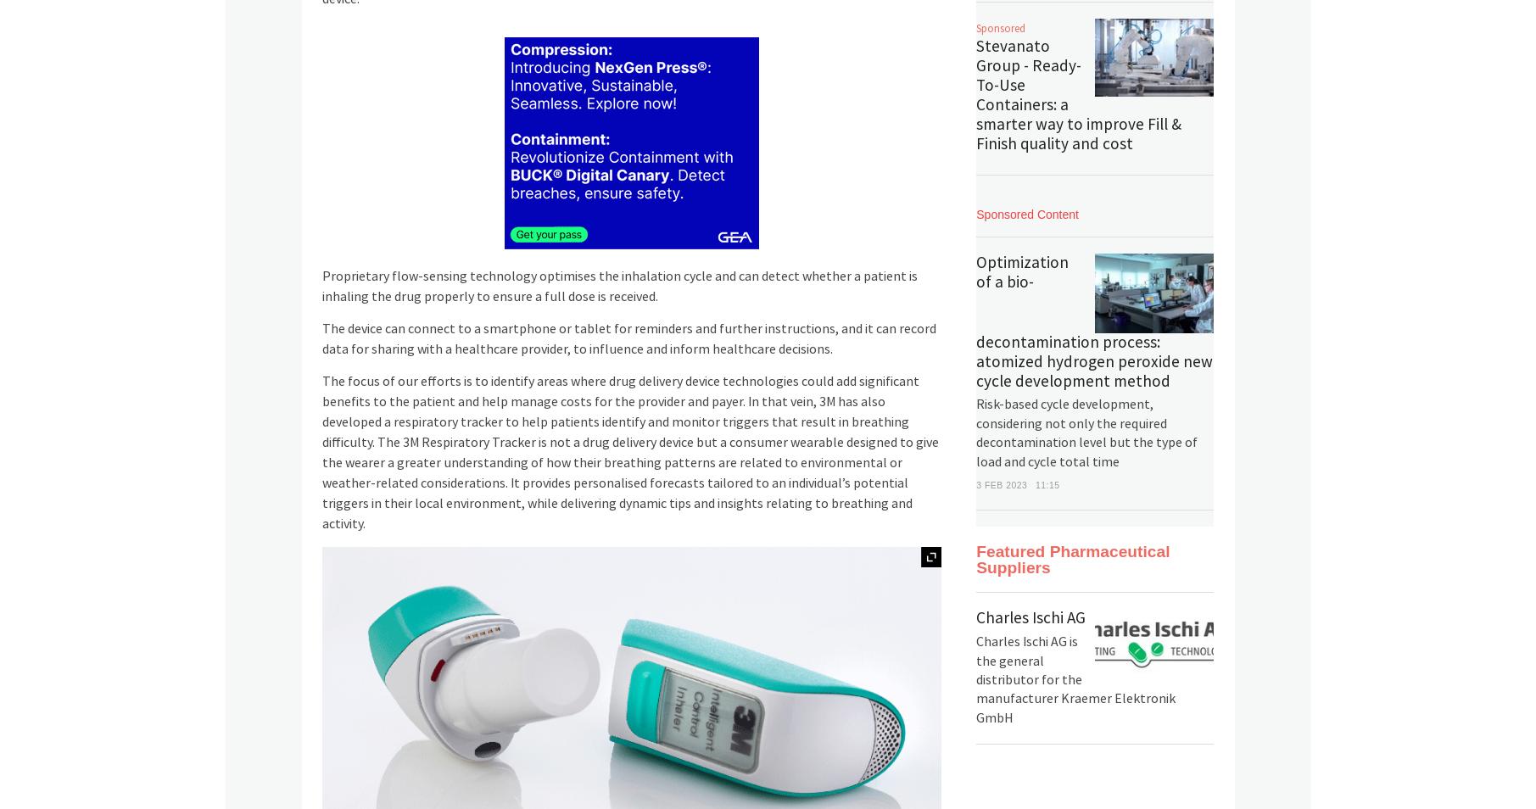 This screenshot has width=1536, height=809. What do you see at coordinates (628, 451) in the screenshot?
I see `'The focus of our efforts is to identify areas where drug delivery device technologies could add significant benefits to the patient and help manage costs for the provider and payer. In that vein, 3M has also developed a respiratory tracker to help patients identify and monitor triggers that result in breathing difficulty. The 3M Respiratory Tracker is not a drug delivery device but a consumer wearable designed to give the wearer a greater understanding of how their breathing patterns are related to environmental or weather-related considerations. It provides personalised forecasts tailored to an individual’s potential triggers in their local environment, while delivering dynamic tips and insights relating to breathing and activity.'` at bounding box center [628, 451].